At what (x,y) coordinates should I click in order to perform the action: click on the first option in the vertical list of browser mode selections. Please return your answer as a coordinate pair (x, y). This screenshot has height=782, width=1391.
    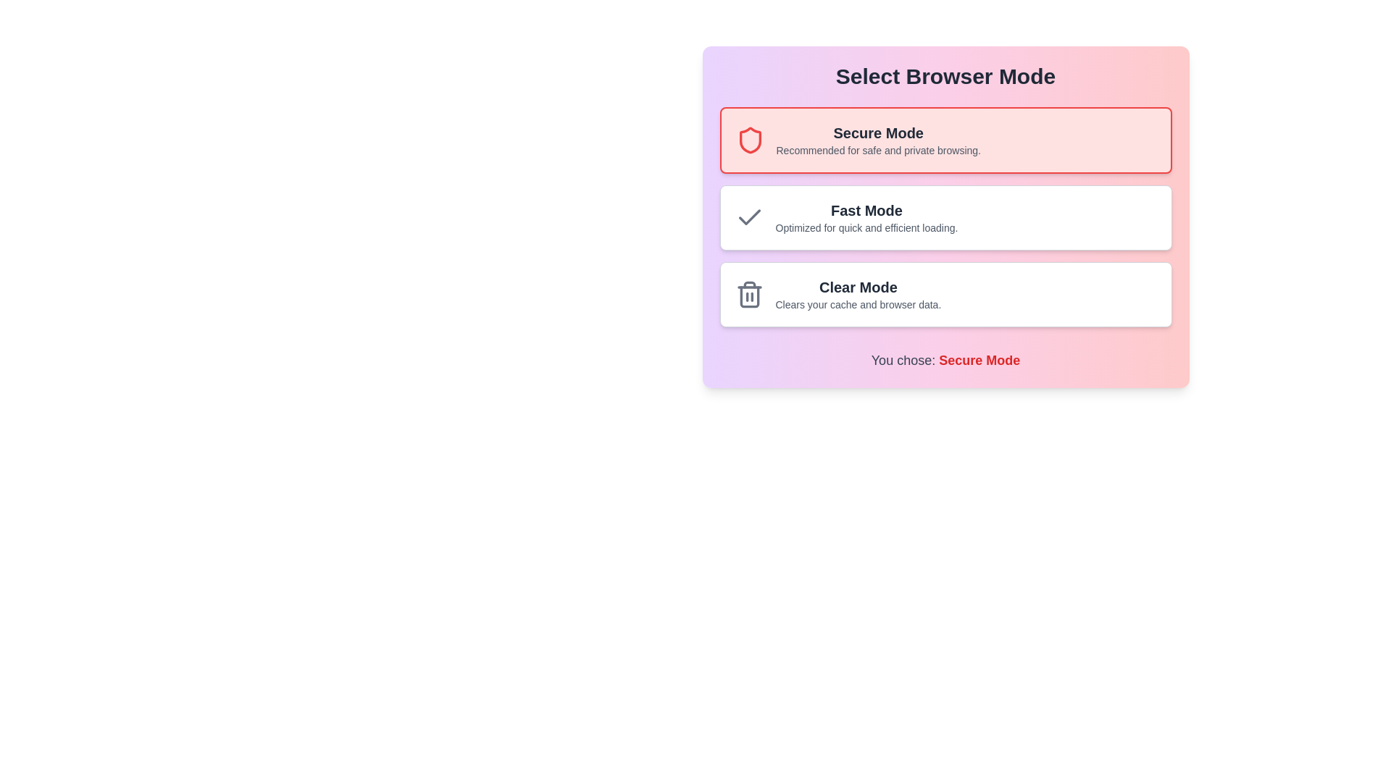
    Looking at the image, I should click on (945, 140).